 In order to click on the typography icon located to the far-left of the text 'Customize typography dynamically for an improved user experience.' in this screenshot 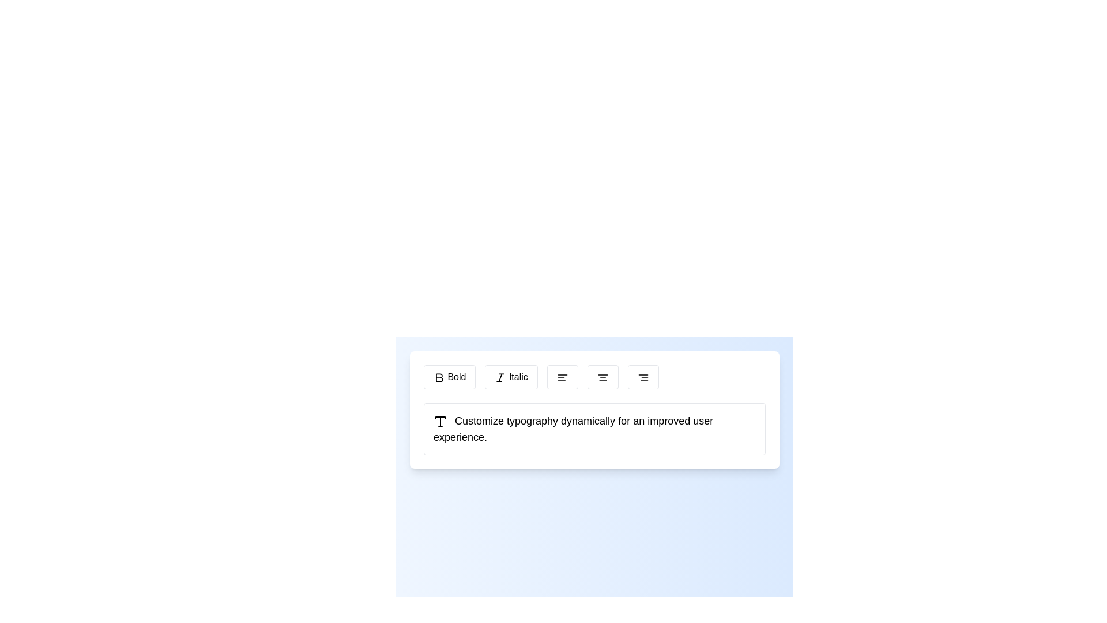, I will do `click(439, 422)`.